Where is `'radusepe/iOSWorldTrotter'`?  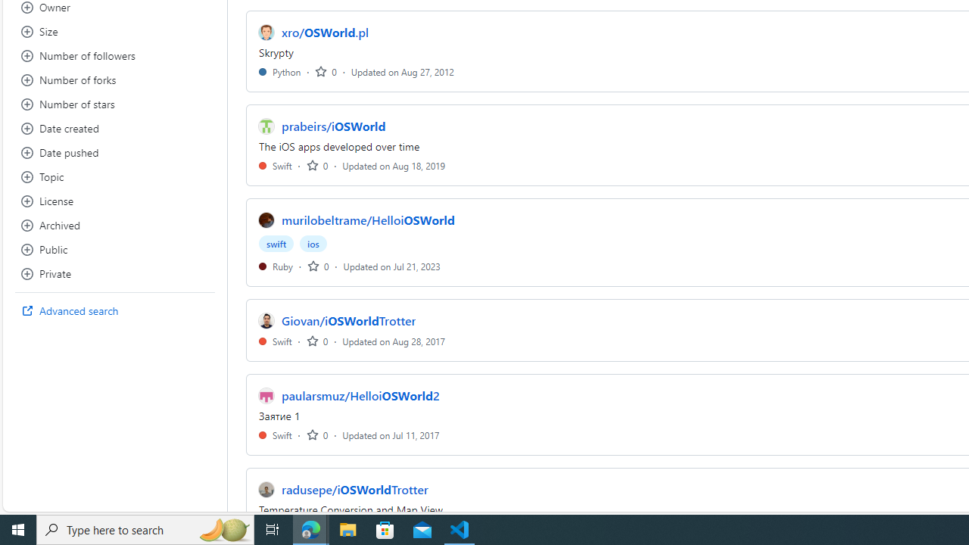
'radusepe/iOSWorldTrotter' is located at coordinates (354, 489).